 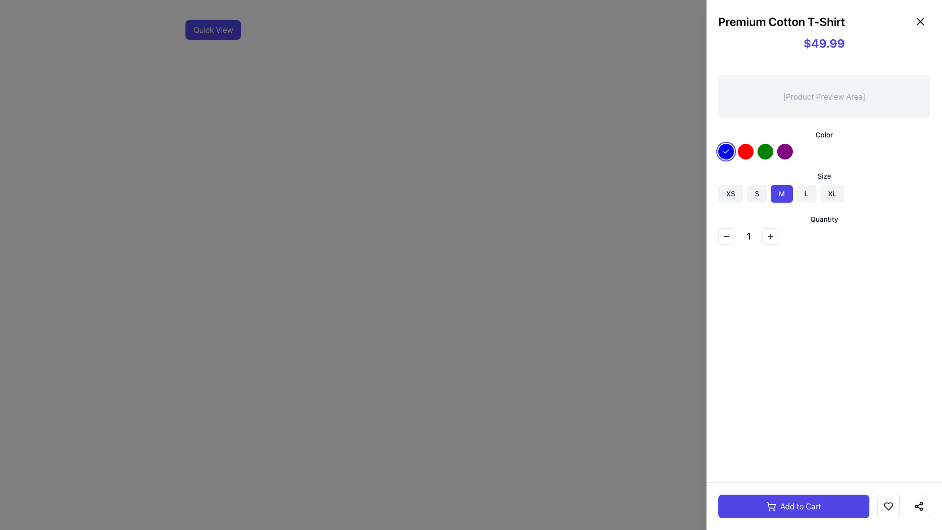 I want to click on the text label inside the blue button located at the right-bottom corner of the interface, so click(x=801, y=506).